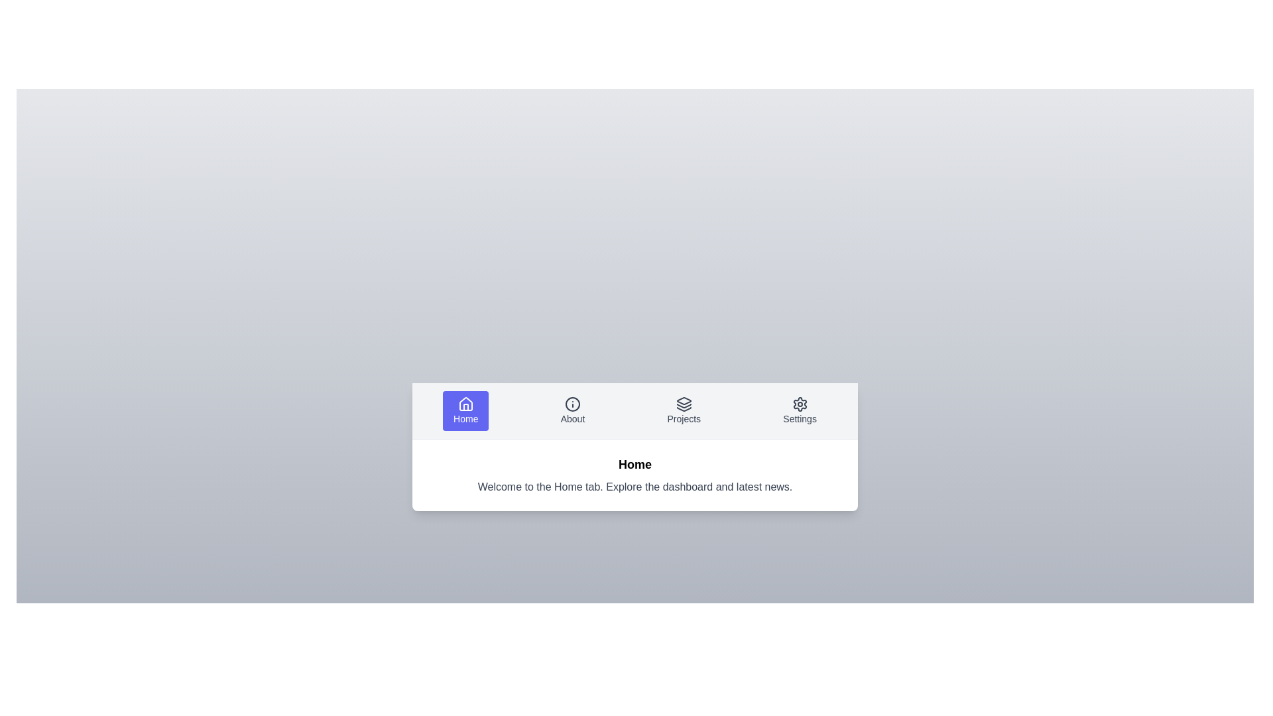  Describe the element at coordinates (684, 409) in the screenshot. I see `the tab labeled Projects to inspect its layout and content` at that location.